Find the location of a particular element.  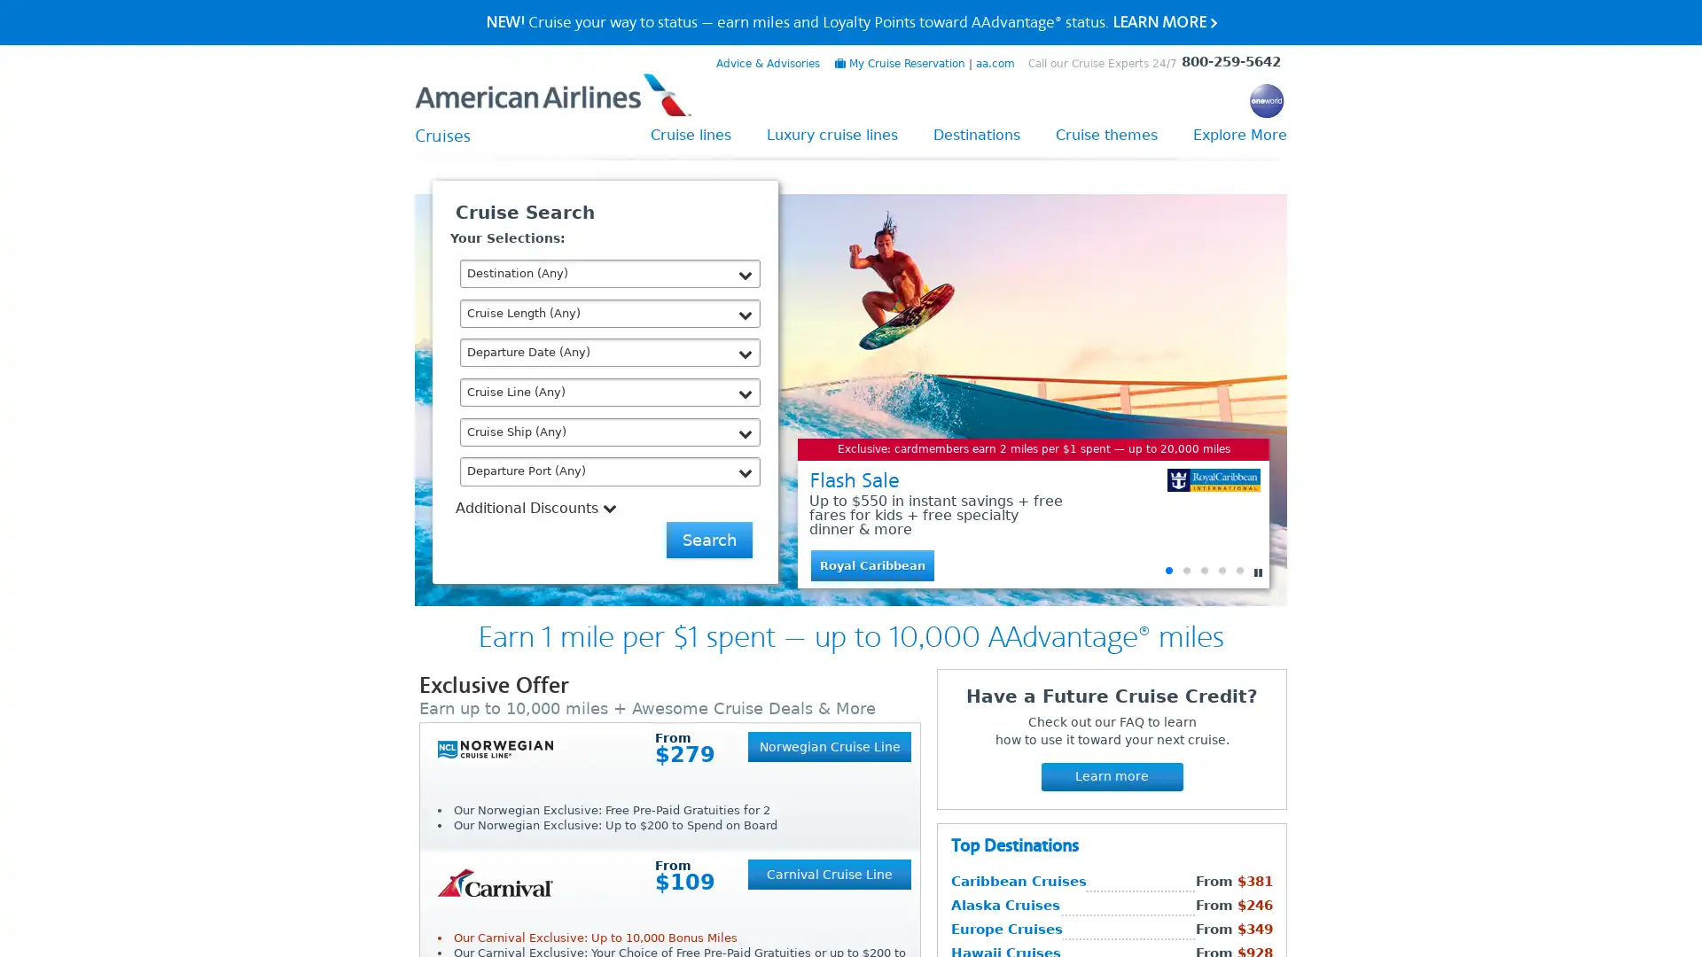

Send Me Deals is located at coordinates (714, 543).